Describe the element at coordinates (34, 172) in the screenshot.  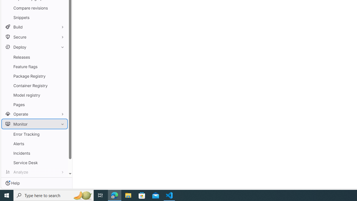
I see `'Analyze'` at that location.